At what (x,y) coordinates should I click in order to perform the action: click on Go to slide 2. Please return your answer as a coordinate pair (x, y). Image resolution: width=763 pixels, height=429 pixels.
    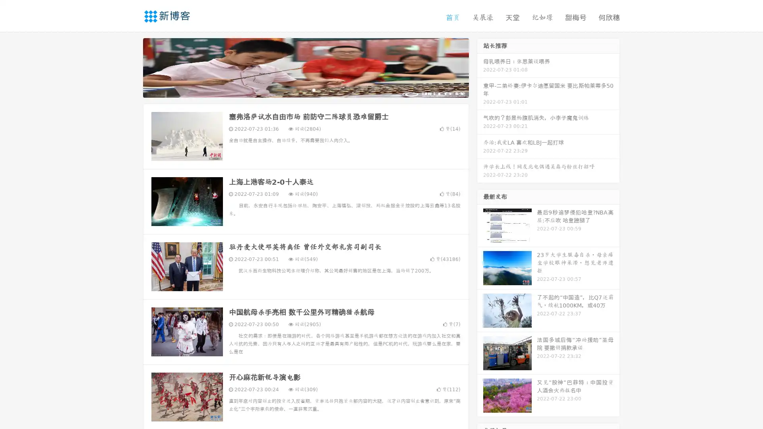
    Looking at the image, I should click on (305, 89).